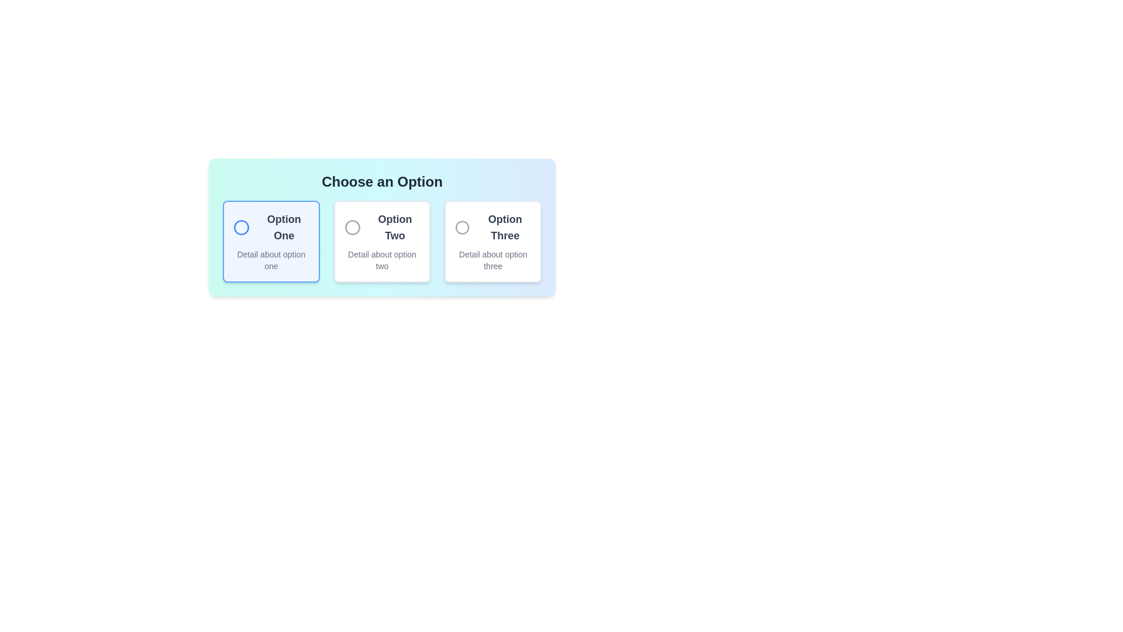 The image size is (1123, 632). I want to click on the text area containing 'Detail about option one' which is styled in gray and positioned below the 'Option One' label in the first card of the three-option selection group, so click(270, 259).